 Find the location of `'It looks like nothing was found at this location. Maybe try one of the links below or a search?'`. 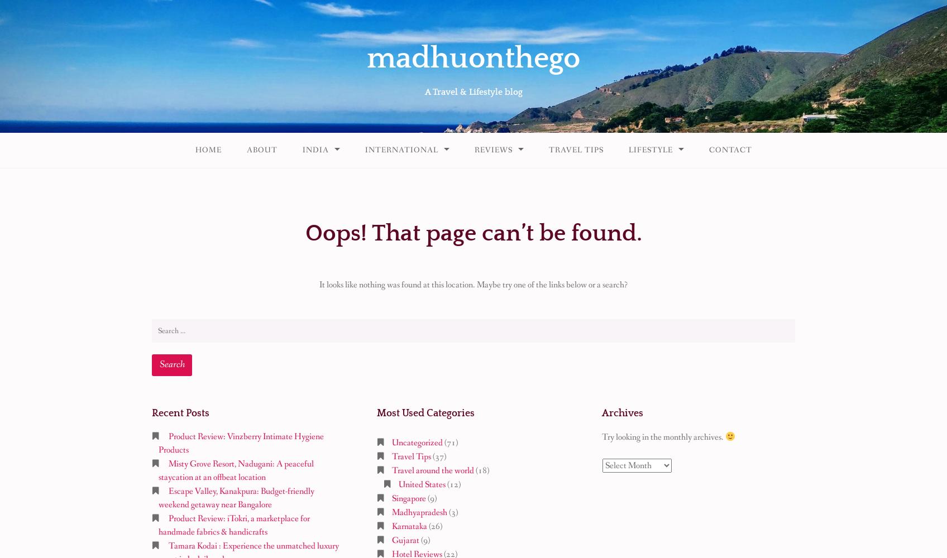

'It looks like nothing was found at this location. Maybe try one of the links below or a search?' is located at coordinates (319, 284).